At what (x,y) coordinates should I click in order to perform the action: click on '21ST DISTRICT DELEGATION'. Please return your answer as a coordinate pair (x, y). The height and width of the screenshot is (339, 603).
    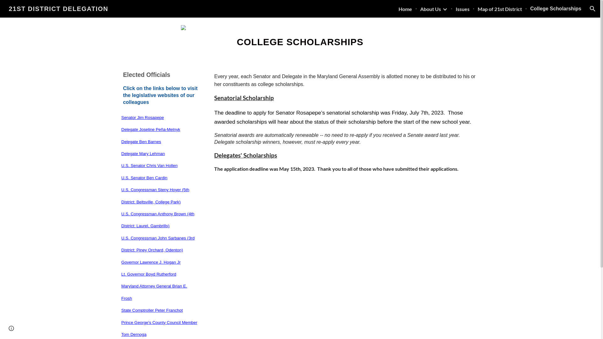
    Looking at the image, I should click on (58, 8).